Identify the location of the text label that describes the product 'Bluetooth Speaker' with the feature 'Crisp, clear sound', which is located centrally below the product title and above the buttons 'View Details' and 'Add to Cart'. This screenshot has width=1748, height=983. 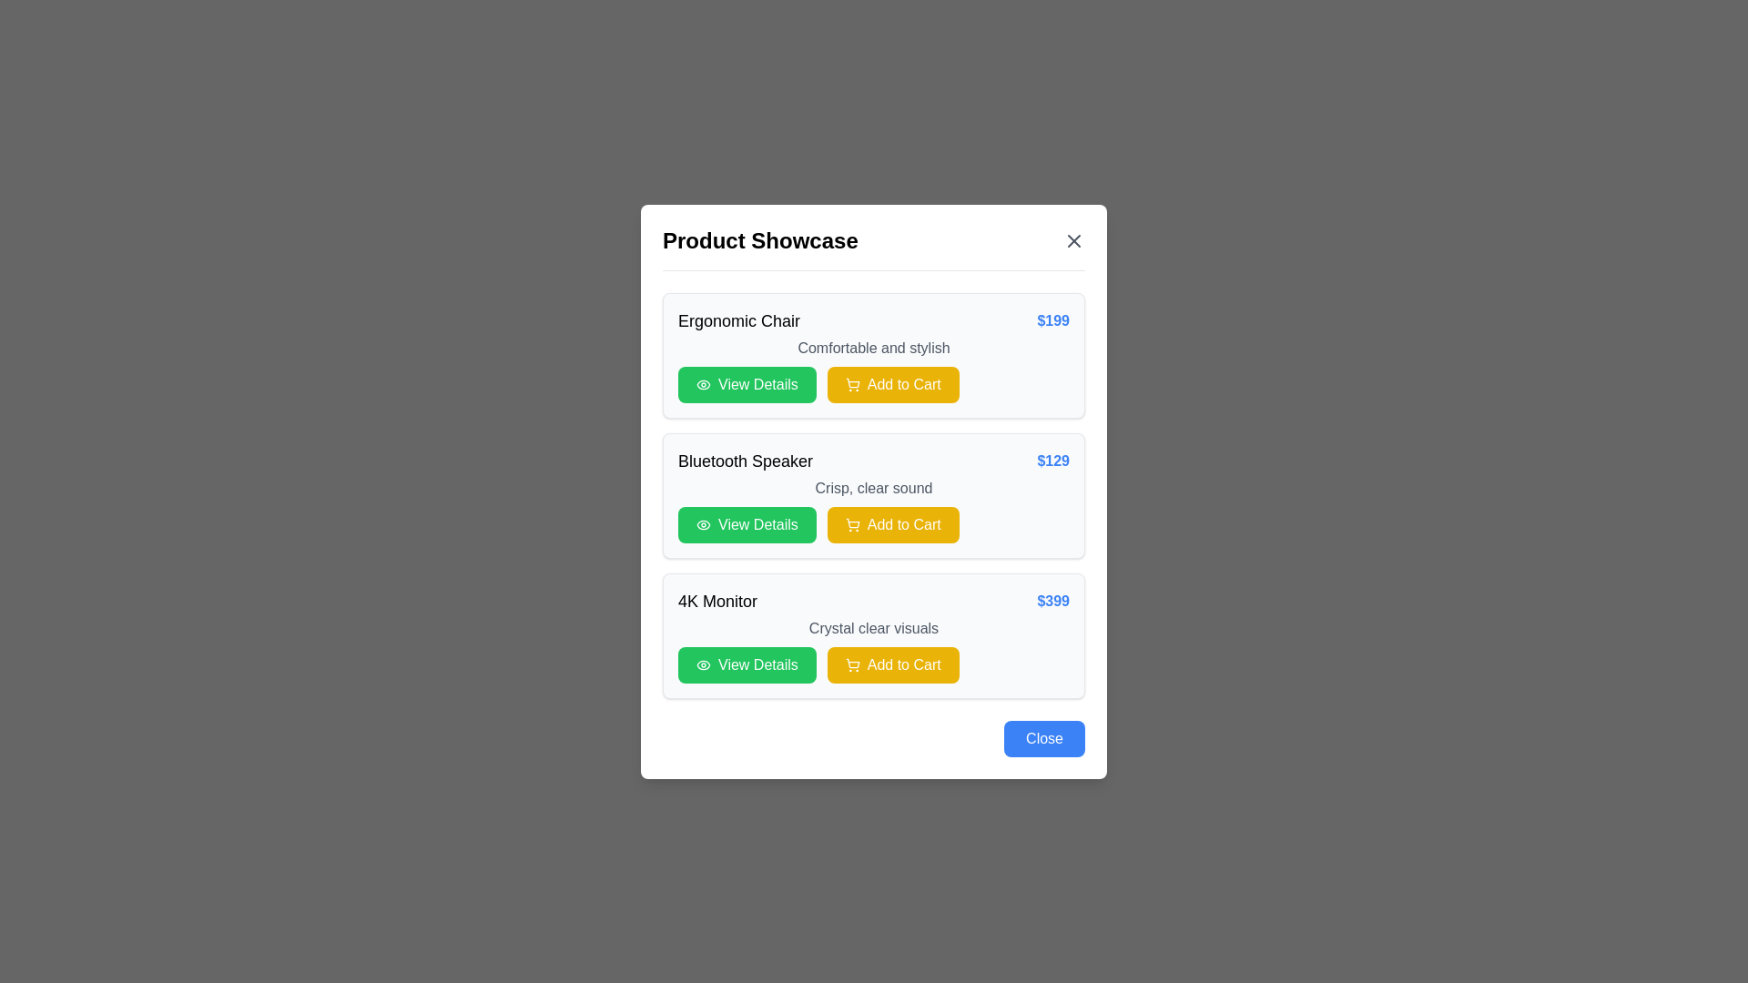
(874, 487).